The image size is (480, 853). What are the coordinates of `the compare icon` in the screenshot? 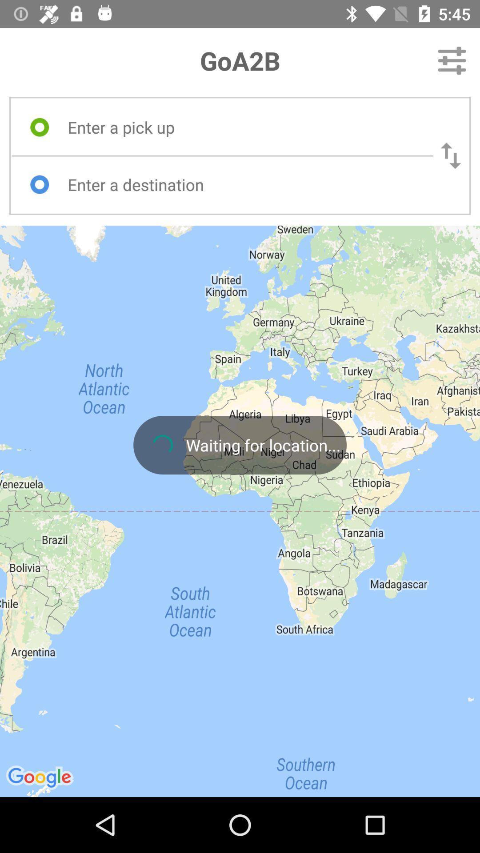 It's located at (451, 155).